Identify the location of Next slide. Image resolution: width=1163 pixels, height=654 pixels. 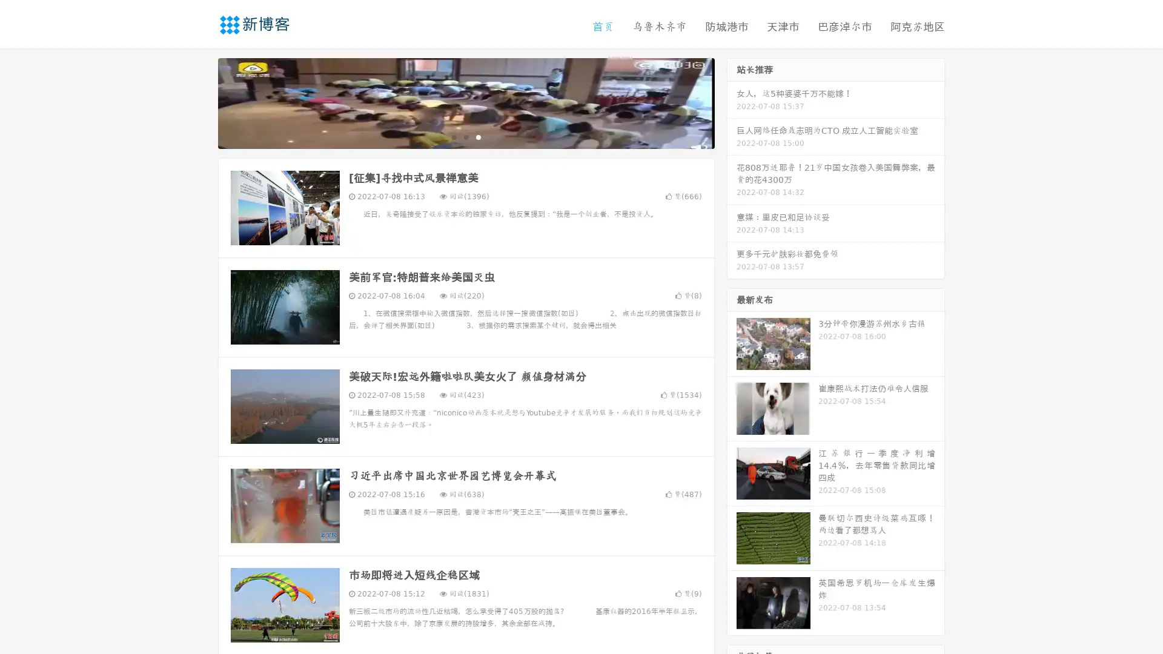
(732, 102).